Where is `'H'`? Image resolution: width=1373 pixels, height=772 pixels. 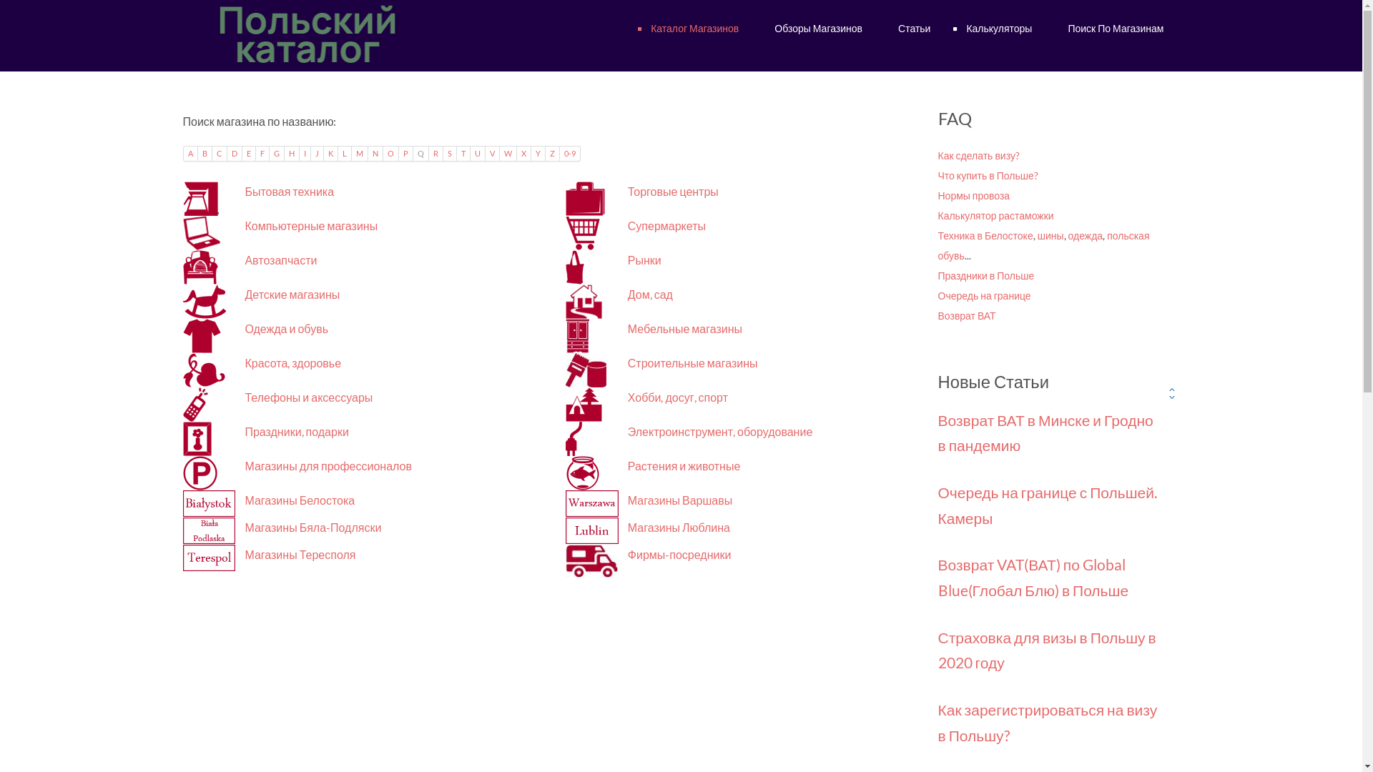
'H' is located at coordinates (291, 154).